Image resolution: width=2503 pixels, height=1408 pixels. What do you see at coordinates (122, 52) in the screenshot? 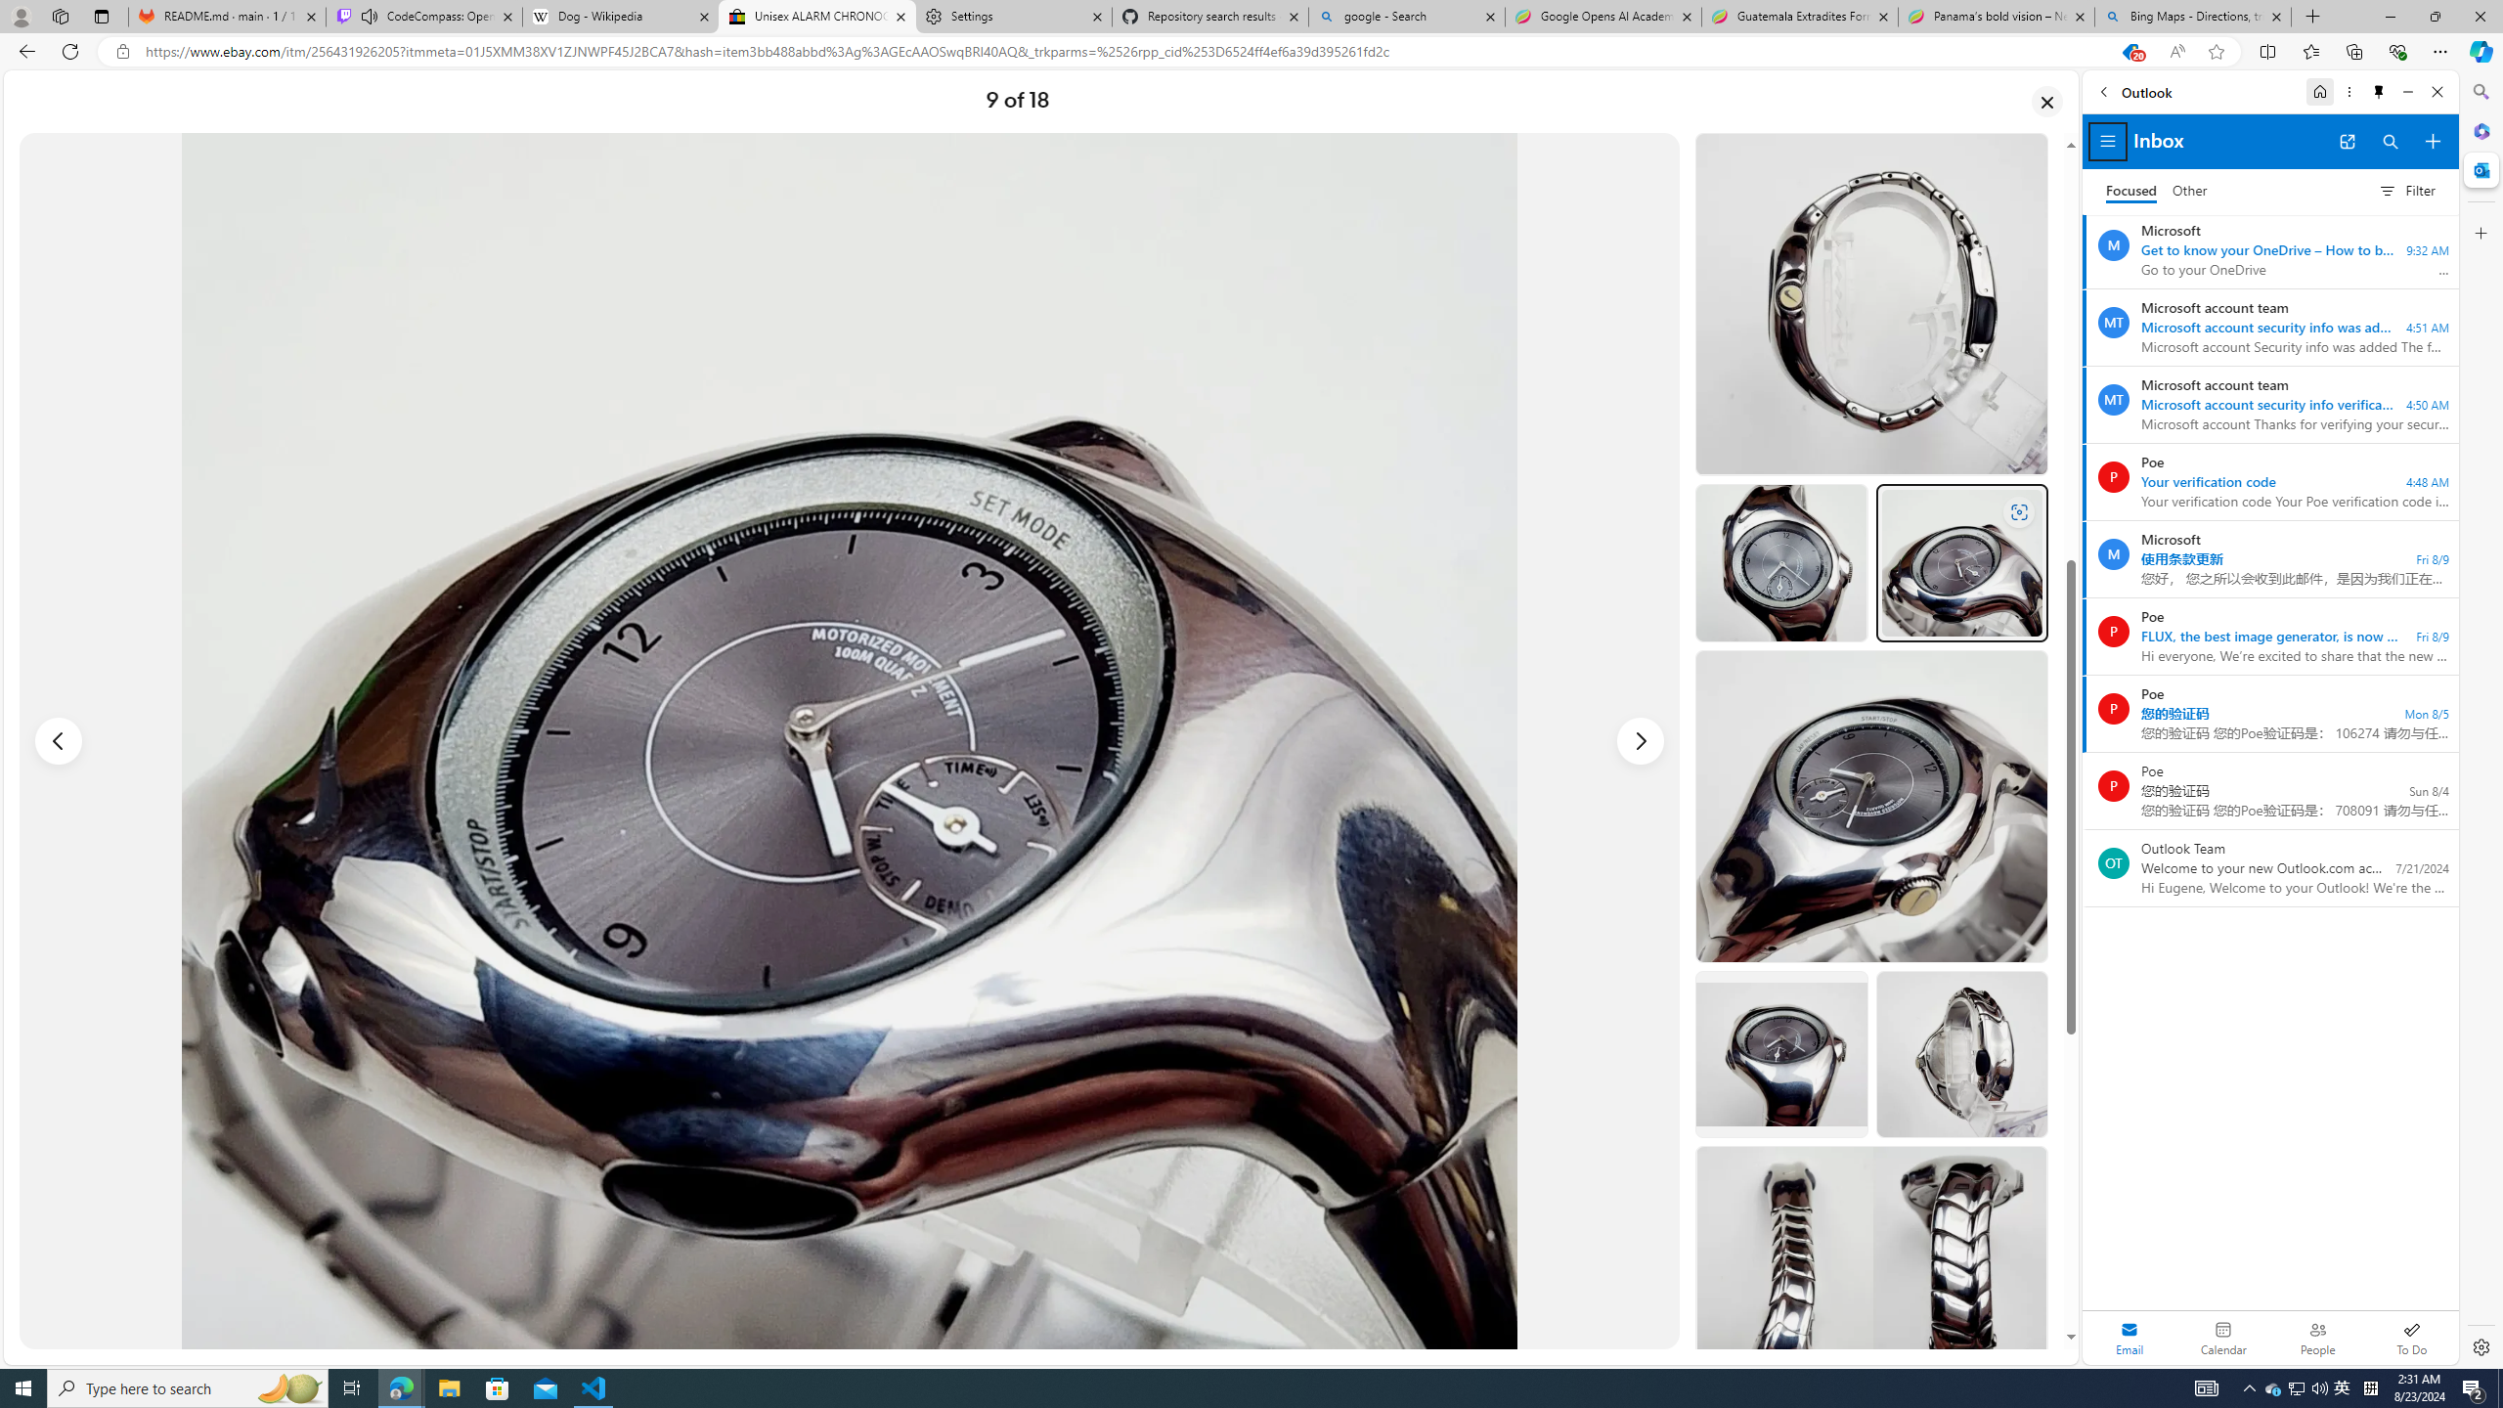
I see `'View site information'` at bounding box center [122, 52].